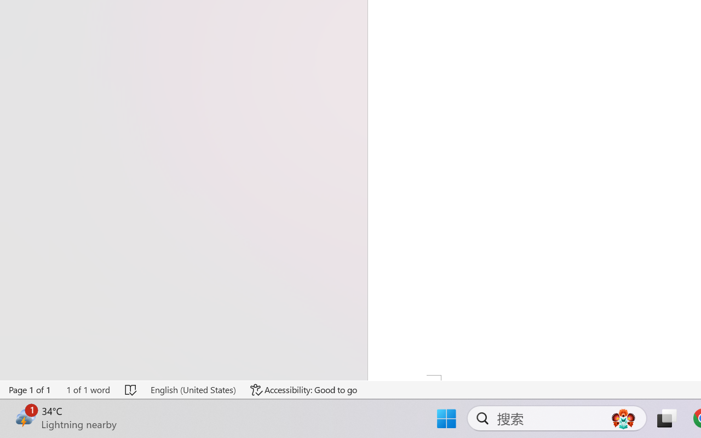 This screenshot has height=438, width=701. What do you see at coordinates (131, 389) in the screenshot?
I see `'Spelling and Grammar Check No Errors'` at bounding box center [131, 389].